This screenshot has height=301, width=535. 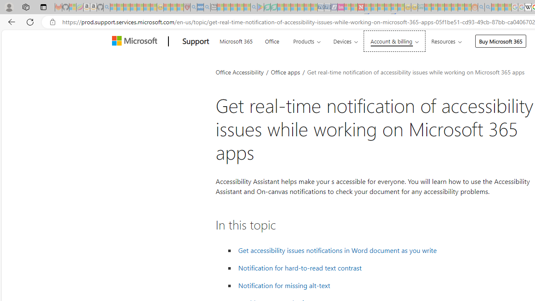 I want to click on 'MSNBC - MSN - Sleeping', so click(x=428, y=7).